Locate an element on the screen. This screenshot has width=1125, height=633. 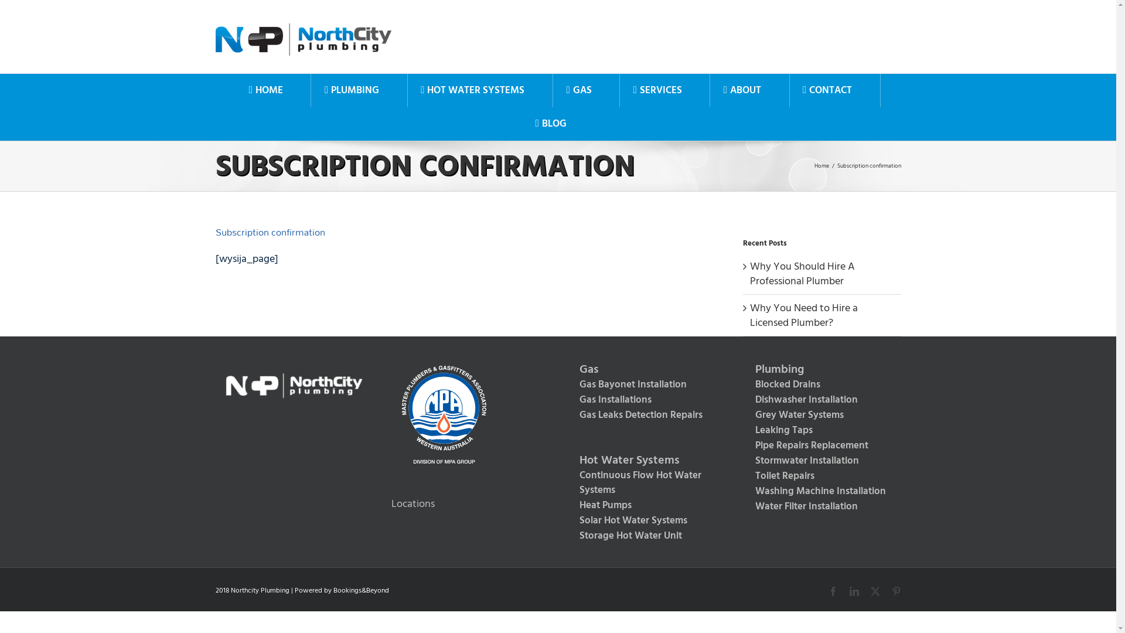
'Dishwasher Installation' is located at coordinates (821, 399).